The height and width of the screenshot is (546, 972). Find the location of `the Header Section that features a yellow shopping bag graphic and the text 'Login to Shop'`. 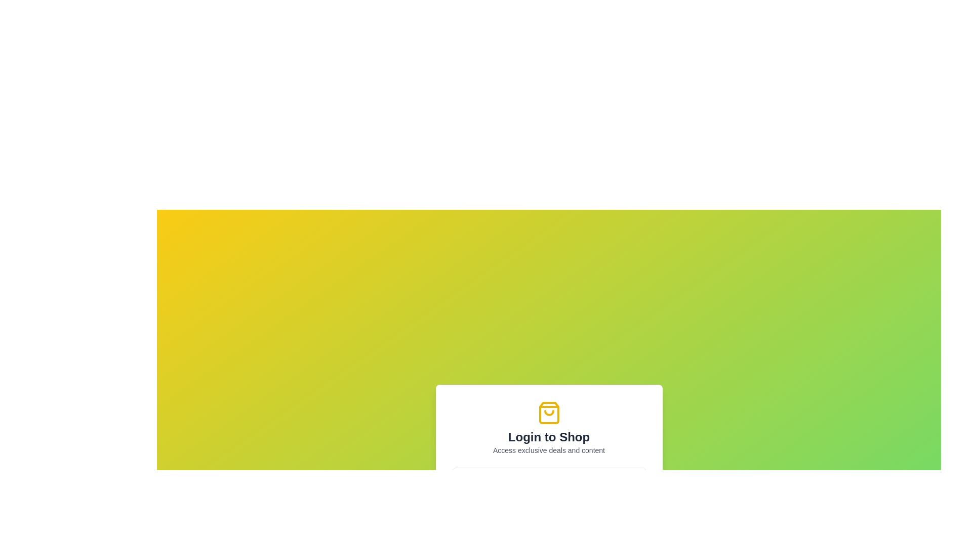

the Header Section that features a yellow shopping bag graphic and the text 'Login to Shop' is located at coordinates (548, 428).